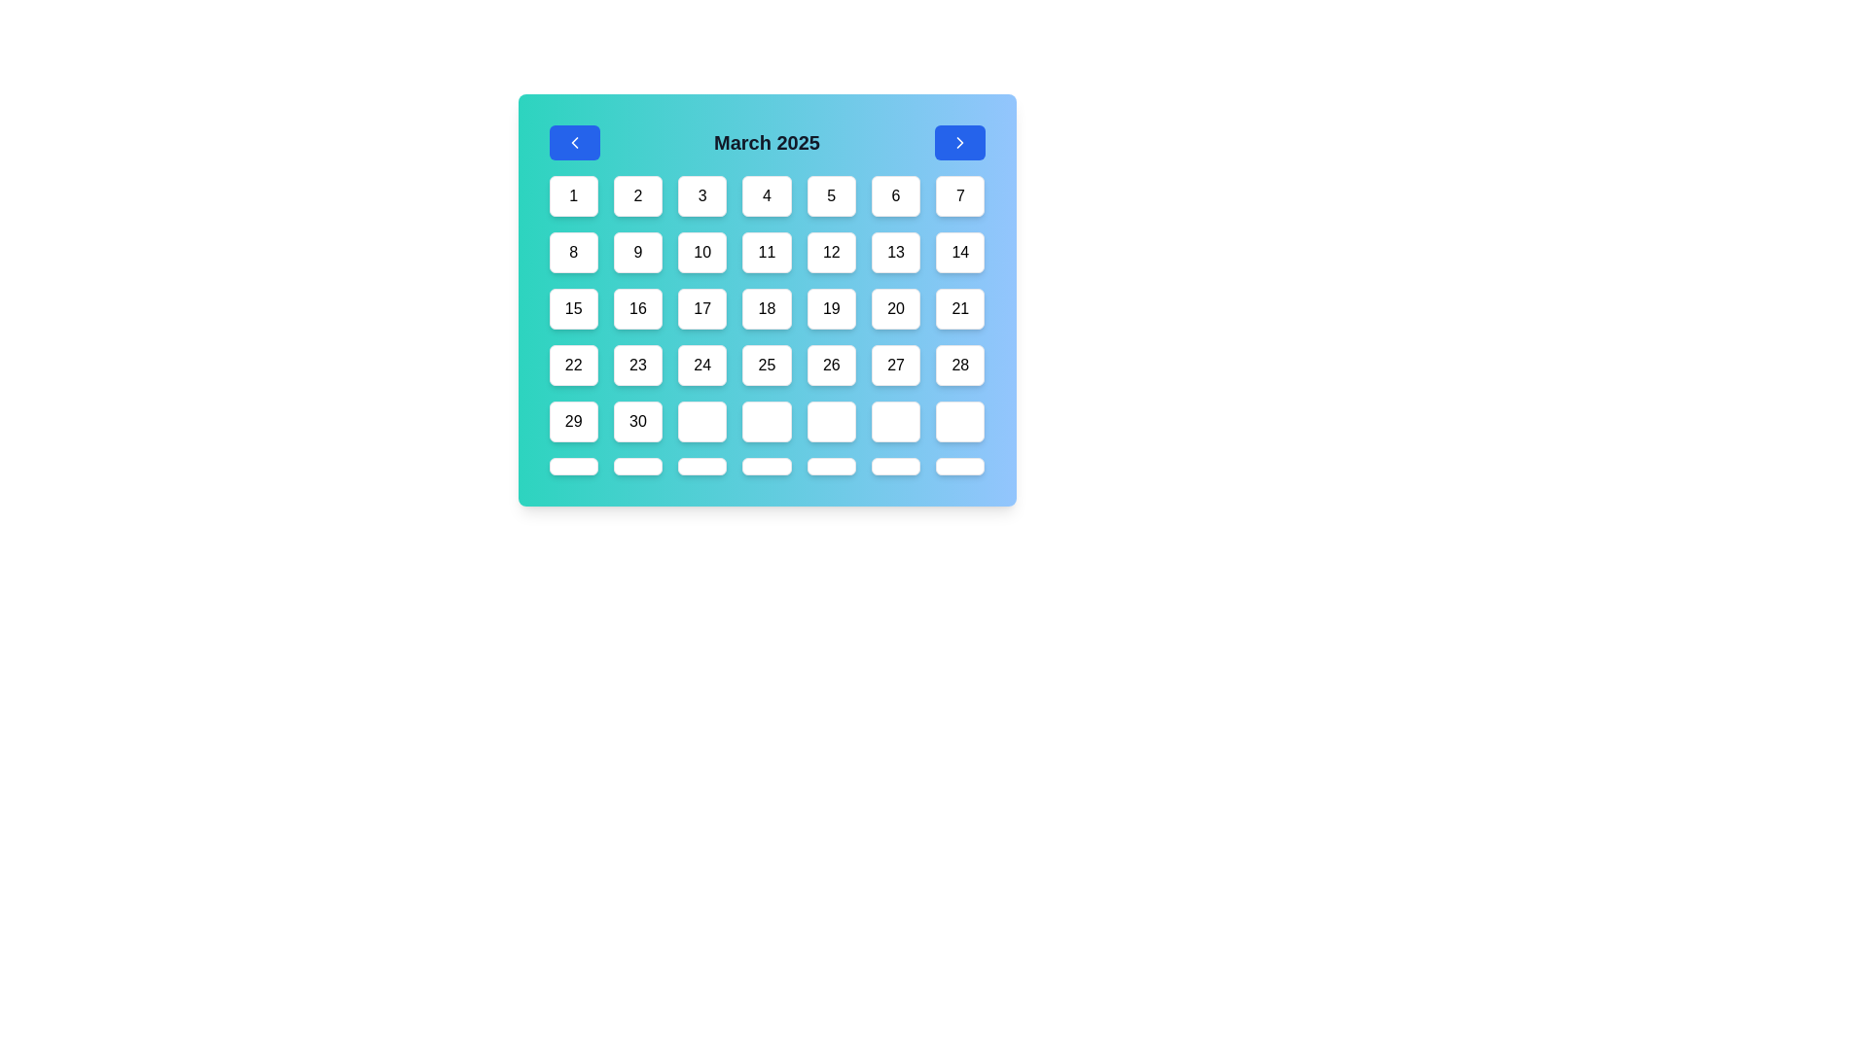 The height and width of the screenshot is (1050, 1868). I want to click on the rectangular button labeled '26' in the fifth row and fourth column of the calendar grid for March 2025, so click(831, 365).